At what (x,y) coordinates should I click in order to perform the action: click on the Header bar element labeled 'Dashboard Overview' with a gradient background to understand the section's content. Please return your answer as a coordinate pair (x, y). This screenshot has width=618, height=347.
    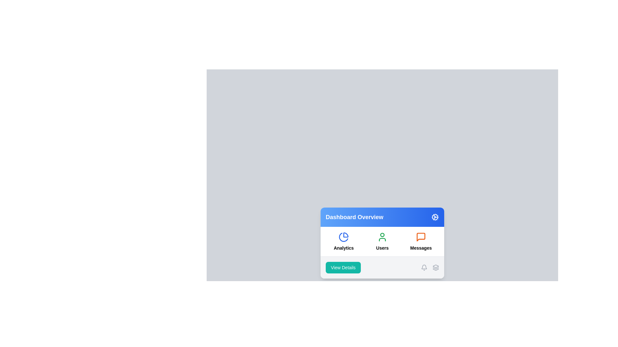
    Looking at the image, I should click on (382, 217).